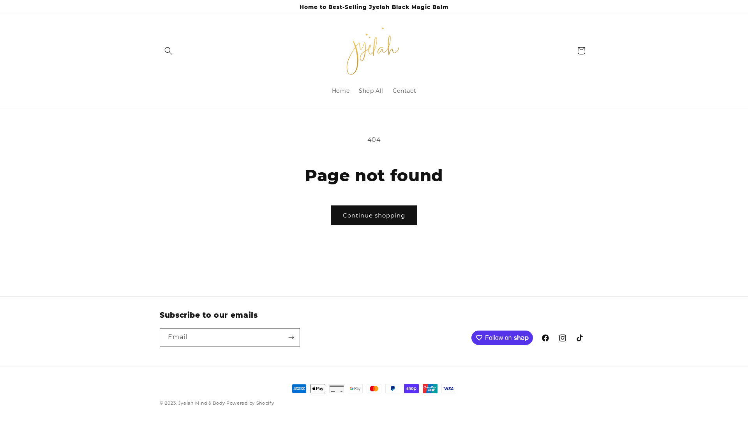 The height and width of the screenshot is (421, 748). I want to click on 'Cart', so click(581, 51).